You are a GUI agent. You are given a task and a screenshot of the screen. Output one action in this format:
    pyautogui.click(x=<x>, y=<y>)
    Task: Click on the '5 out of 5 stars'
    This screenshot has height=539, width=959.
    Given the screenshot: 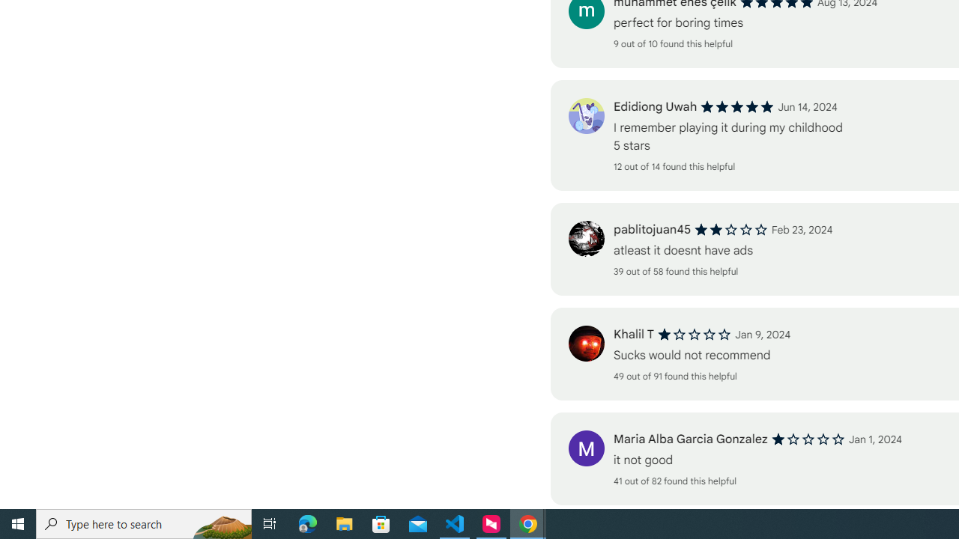 What is the action you would take?
    pyautogui.click(x=737, y=106)
    